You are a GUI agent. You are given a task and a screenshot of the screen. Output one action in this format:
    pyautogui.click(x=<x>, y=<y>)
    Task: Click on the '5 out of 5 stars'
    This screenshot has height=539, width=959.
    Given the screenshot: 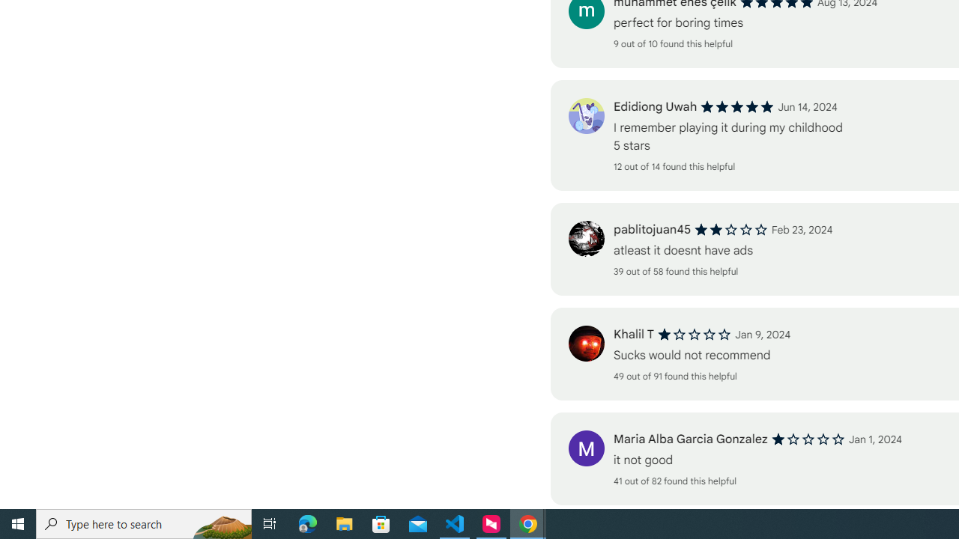 What is the action you would take?
    pyautogui.click(x=737, y=106)
    